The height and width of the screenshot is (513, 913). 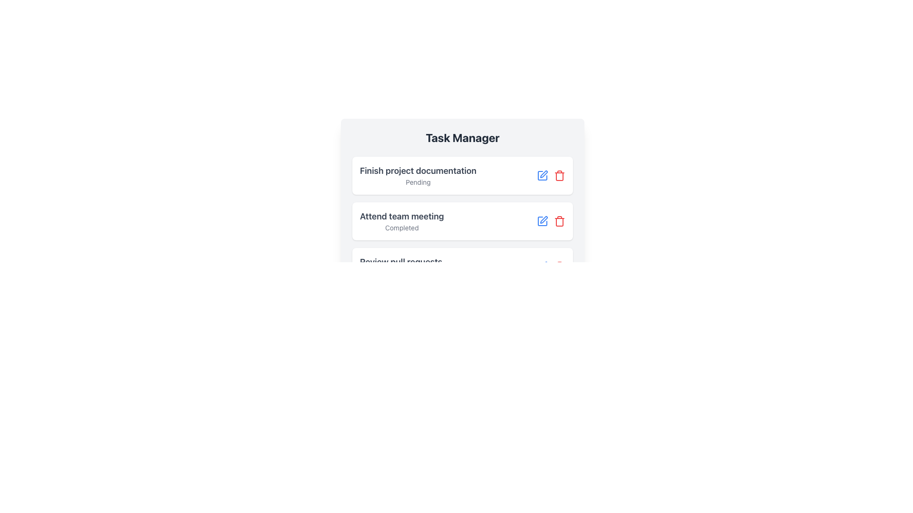 What do you see at coordinates (401, 262) in the screenshot?
I see `the text label 'Review pull requests', which is displayed in large, bold, gray-styled font and is the third element in the task list under 'Task Manager'` at bounding box center [401, 262].